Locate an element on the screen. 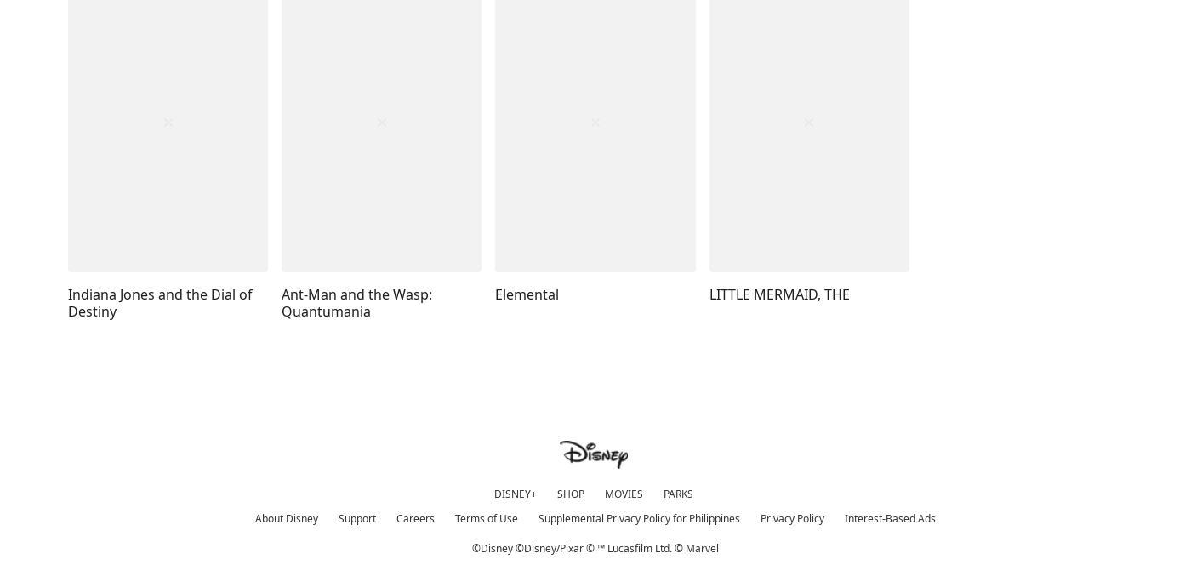  'Indiana Jones and the Dial of Destiny' is located at coordinates (160, 302).